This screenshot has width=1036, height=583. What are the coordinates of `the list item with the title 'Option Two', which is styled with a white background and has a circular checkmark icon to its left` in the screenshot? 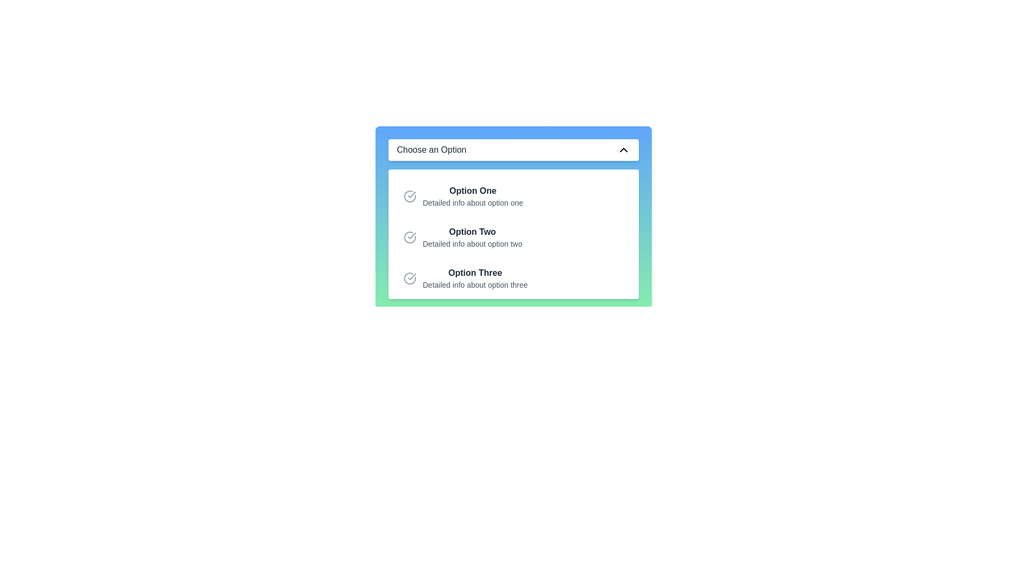 It's located at (513, 236).